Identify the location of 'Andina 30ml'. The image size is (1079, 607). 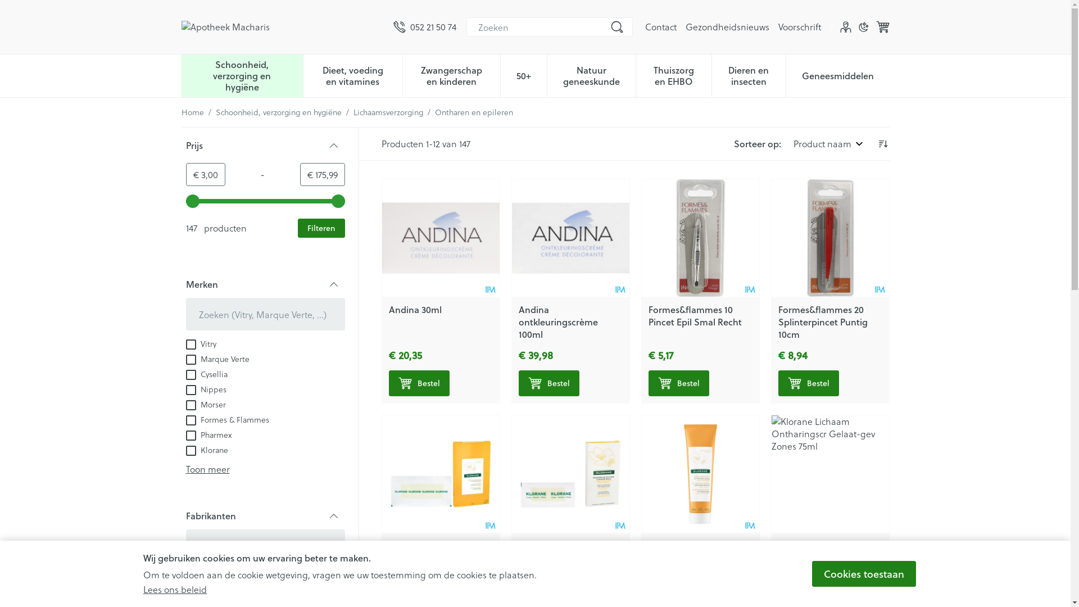
(382, 237).